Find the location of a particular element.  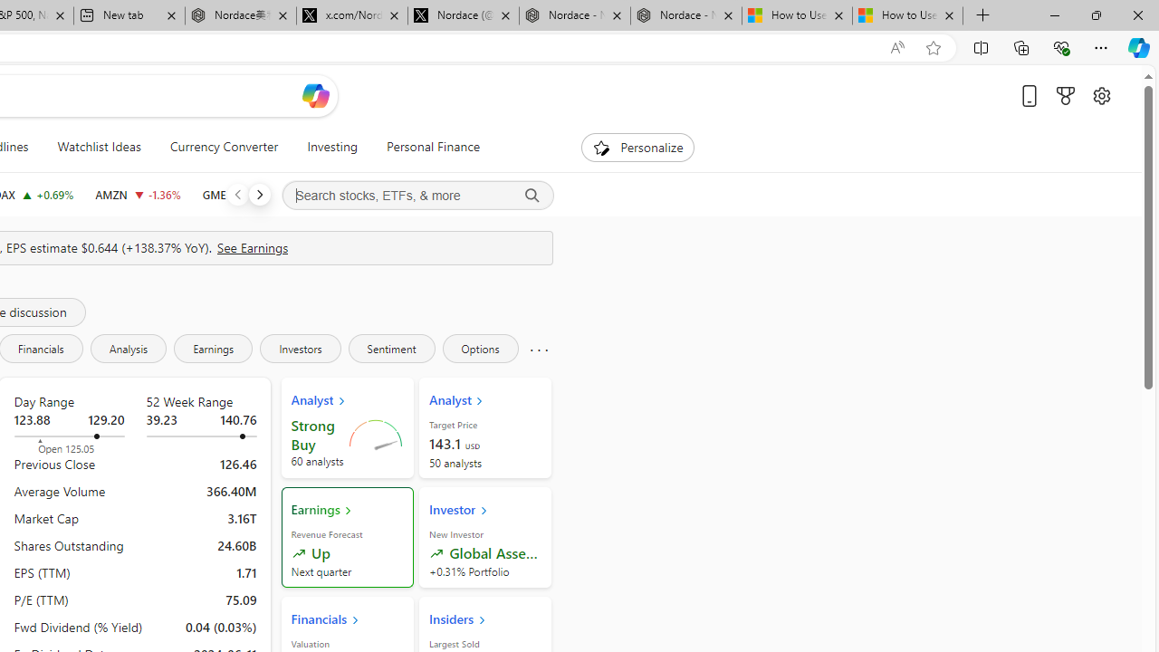

'Sentiment' is located at coordinates (390, 348).